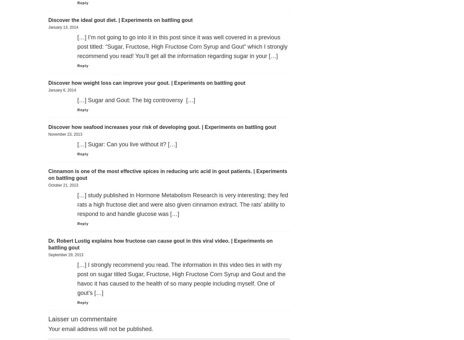  I want to click on 'Your email address will not be published.', so click(101, 329).